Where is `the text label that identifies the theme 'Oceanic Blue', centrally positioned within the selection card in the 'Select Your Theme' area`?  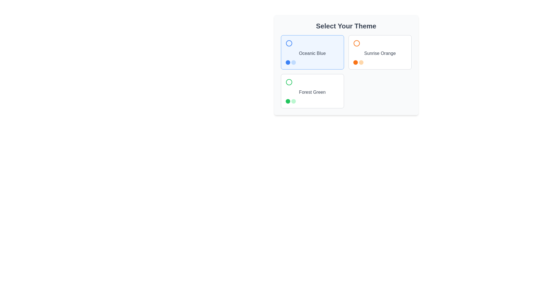 the text label that identifies the theme 'Oceanic Blue', centrally positioned within the selection card in the 'Select Your Theme' area is located at coordinates (312, 53).